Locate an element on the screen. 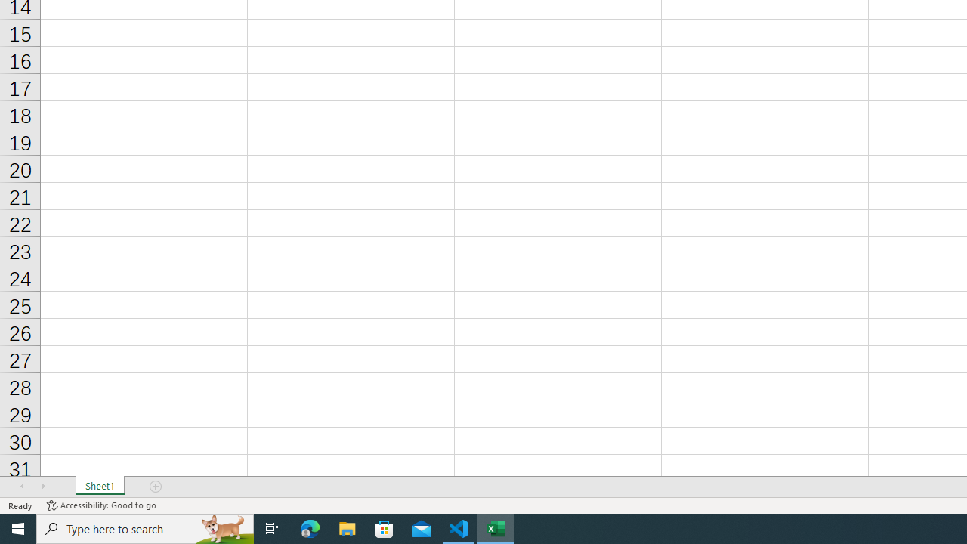 This screenshot has height=544, width=967. 'Sheet1' is located at coordinates (99, 487).